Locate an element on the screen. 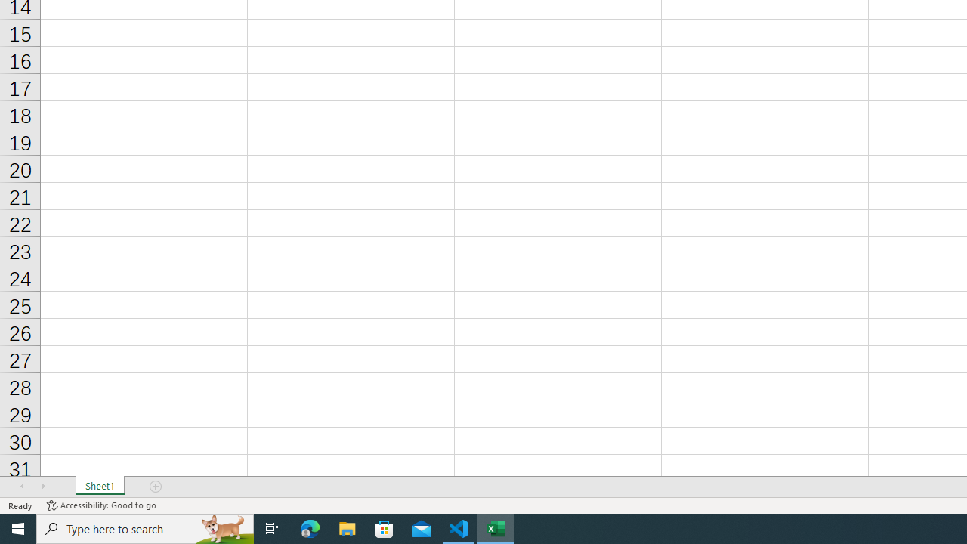 This screenshot has height=544, width=967. 'Sheet1' is located at coordinates (99, 487).